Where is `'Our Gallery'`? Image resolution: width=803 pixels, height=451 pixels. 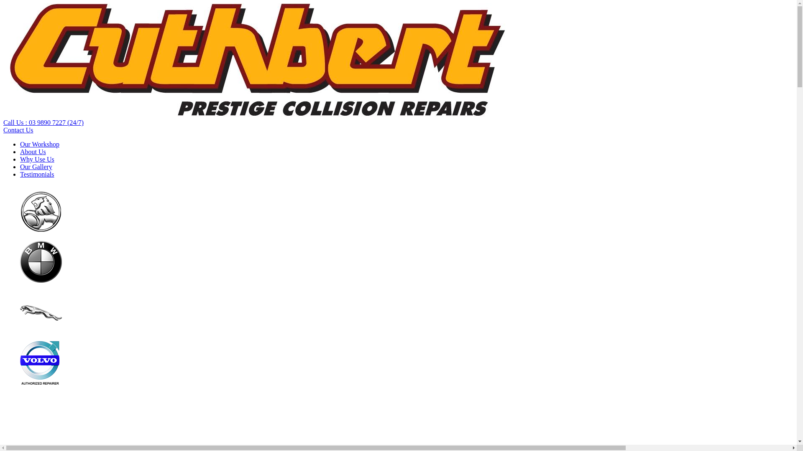
'Our Gallery' is located at coordinates (36, 167).